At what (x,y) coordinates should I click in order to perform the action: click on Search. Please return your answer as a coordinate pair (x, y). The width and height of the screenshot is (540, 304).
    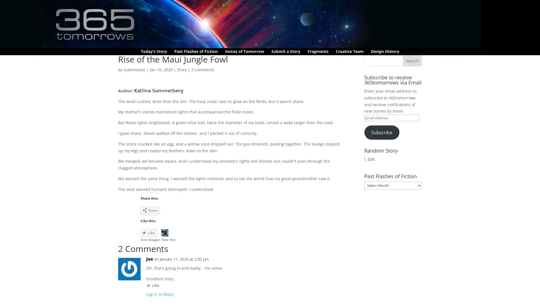
    Looking at the image, I should click on (412, 77).